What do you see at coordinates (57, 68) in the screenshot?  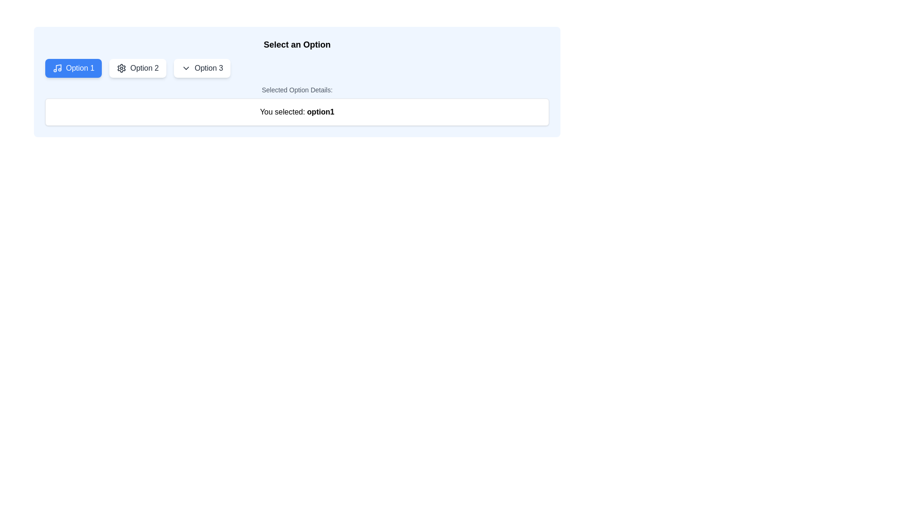 I see `the small outlined musical note icon located to the left of the text 'Option 1' within the blue button` at bounding box center [57, 68].